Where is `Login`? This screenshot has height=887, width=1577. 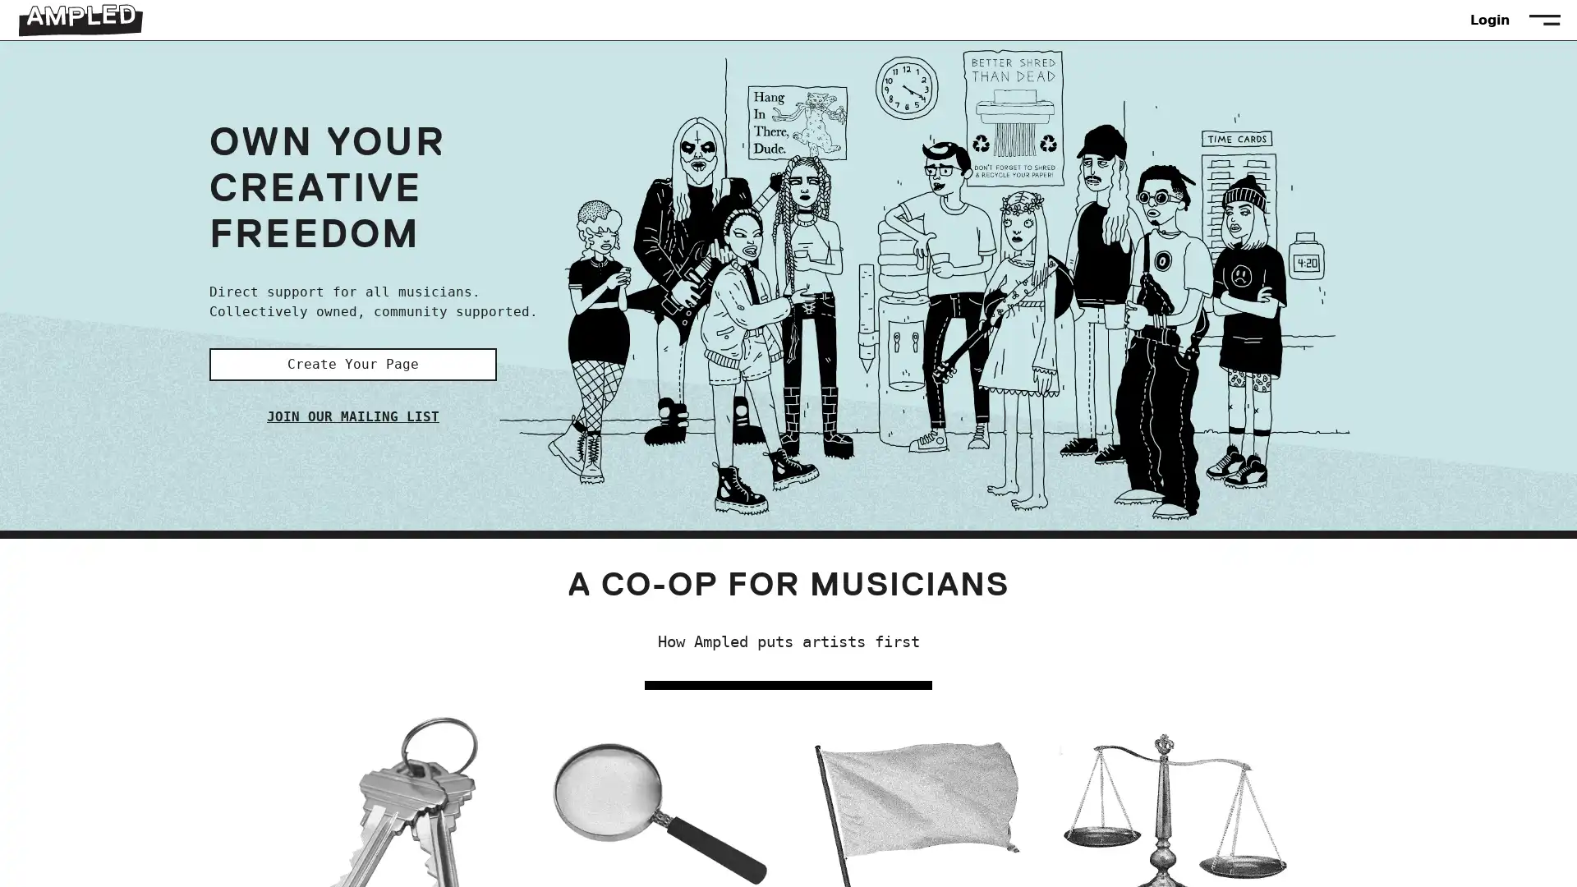 Login is located at coordinates (1490, 19).